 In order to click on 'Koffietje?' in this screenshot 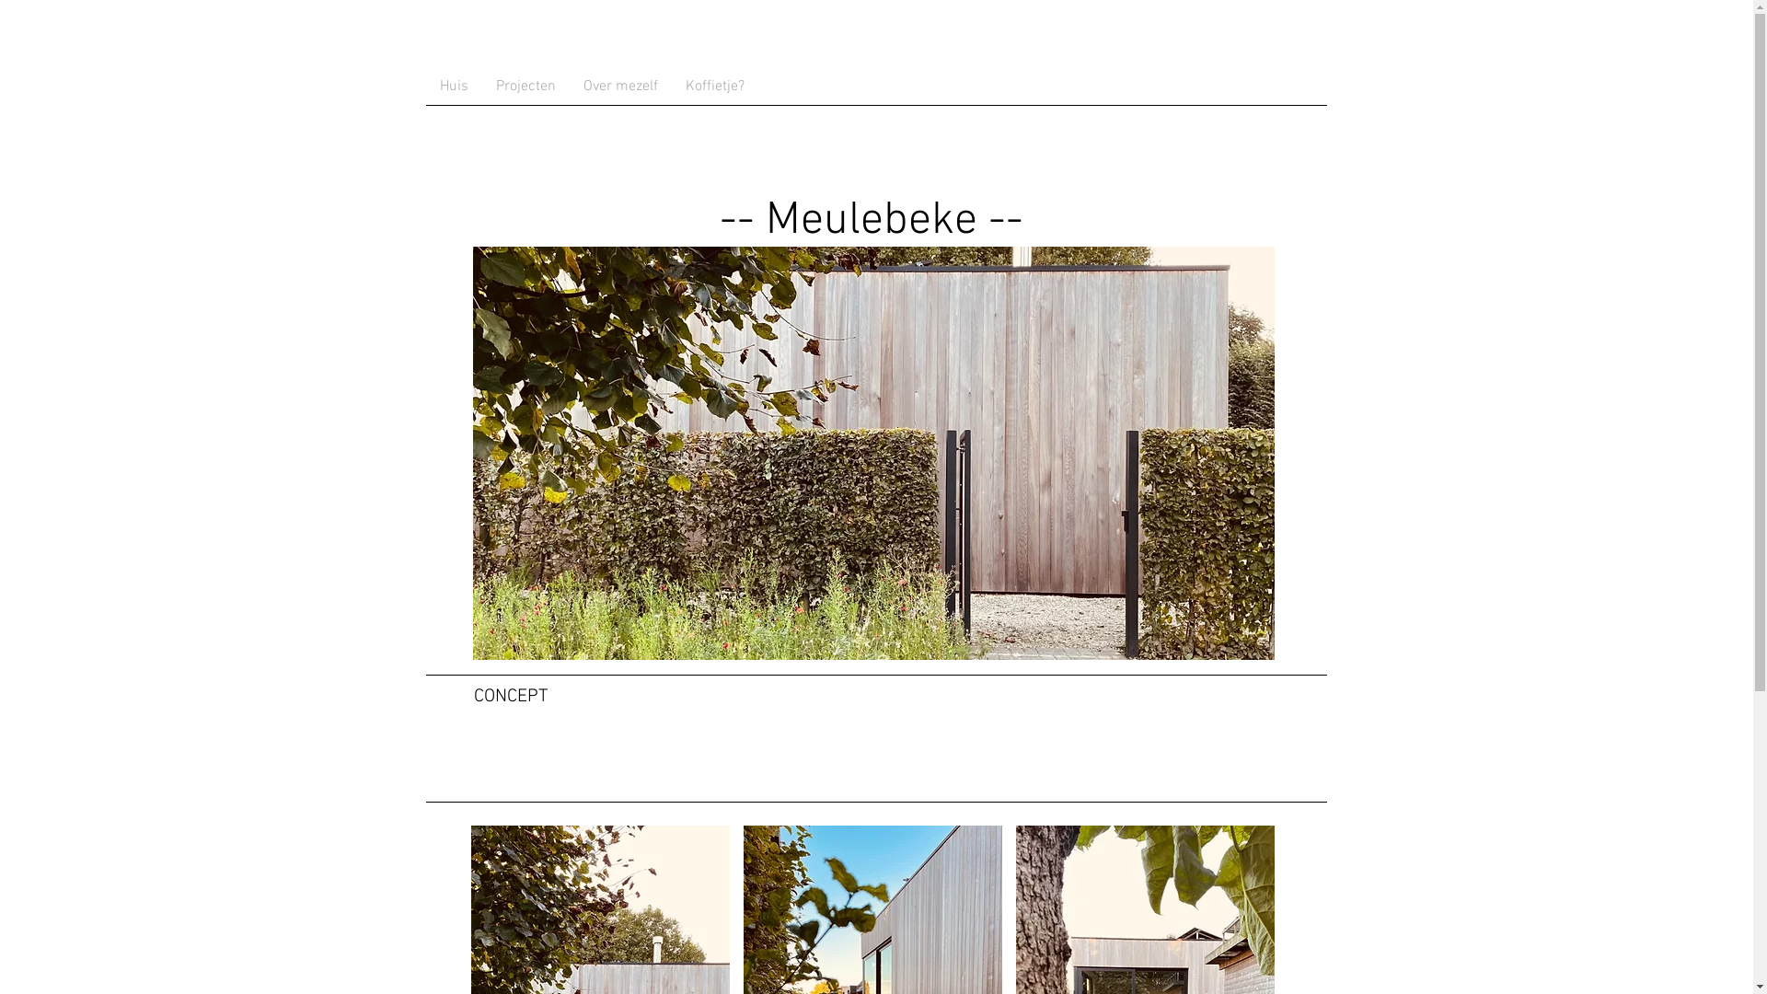, I will do `click(714, 86)`.